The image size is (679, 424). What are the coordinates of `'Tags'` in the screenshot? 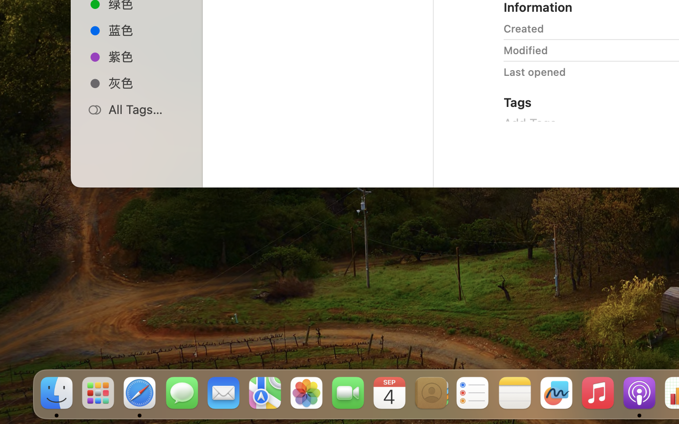 It's located at (517, 102).